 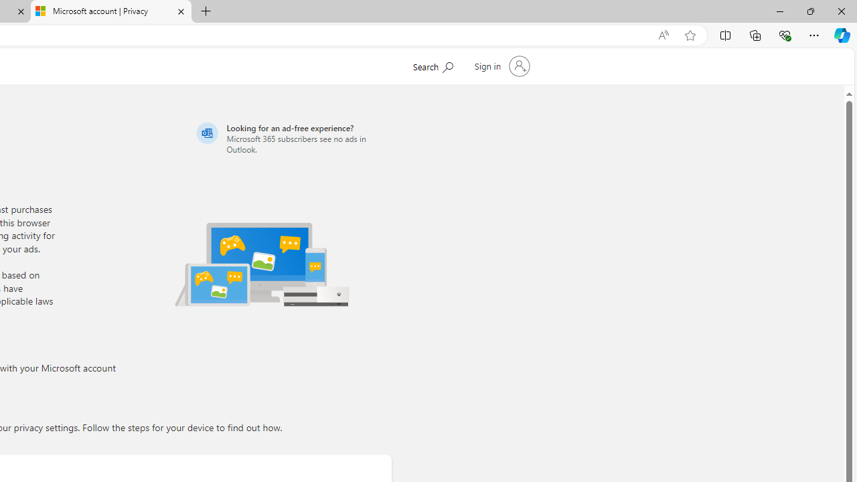 What do you see at coordinates (111, 11) in the screenshot?
I see `'Microsoft account | Privacy'` at bounding box center [111, 11].